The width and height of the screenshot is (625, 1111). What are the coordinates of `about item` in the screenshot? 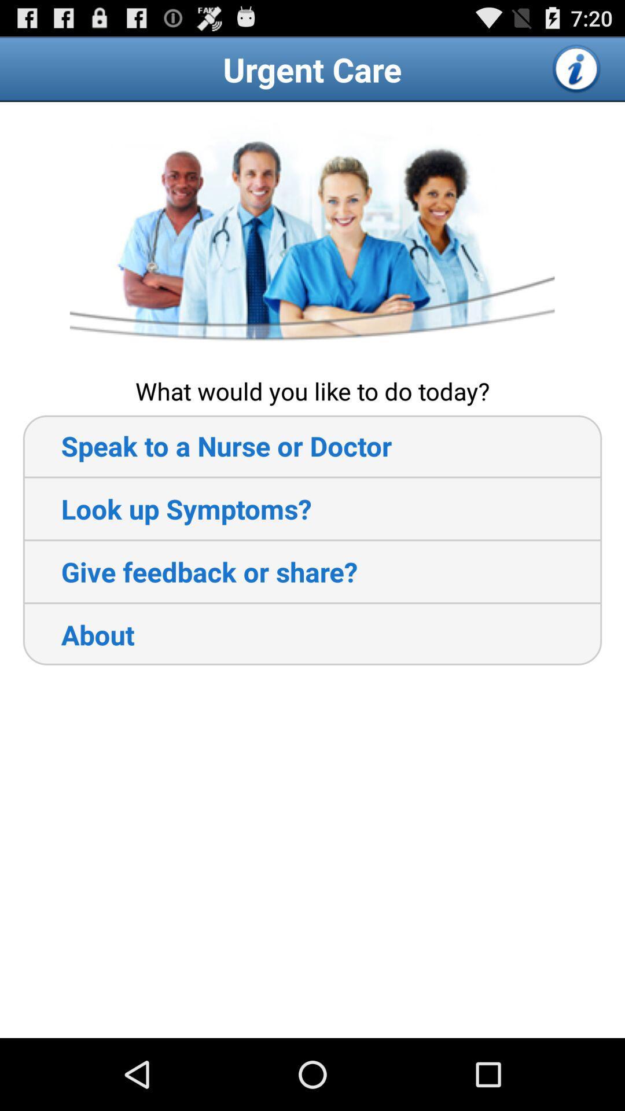 It's located at (78, 634).